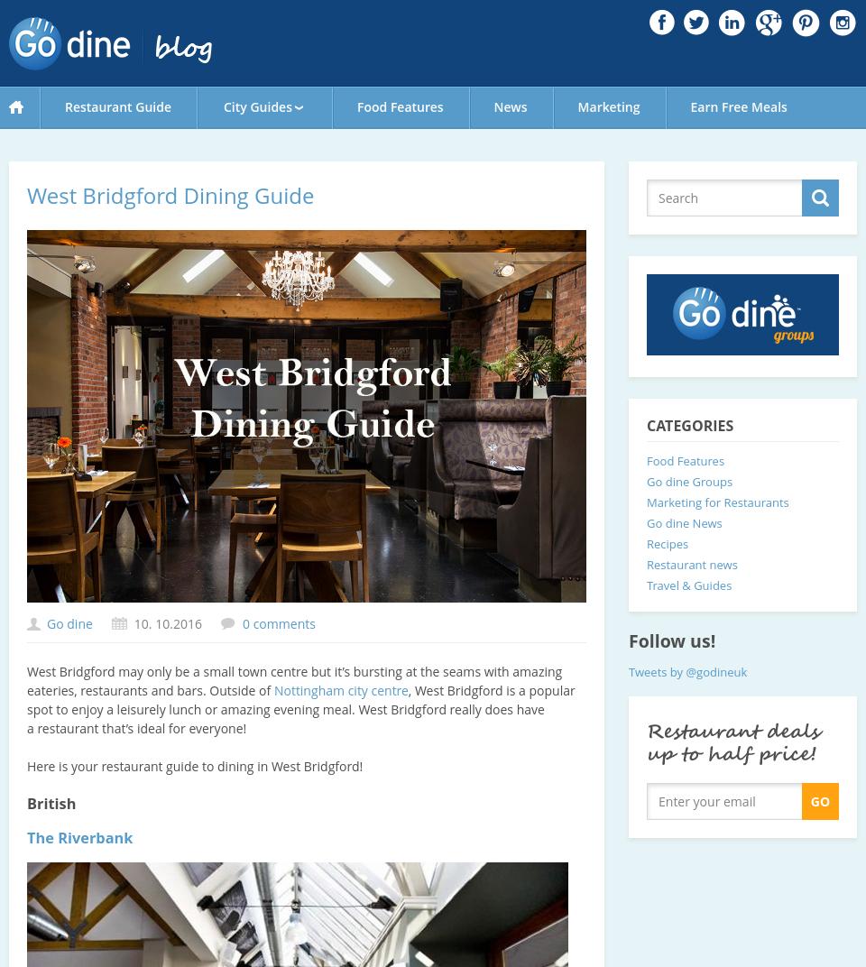 This screenshot has height=967, width=866. Describe the element at coordinates (222, 106) in the screenshot. I see `'City Guides'` at that location.